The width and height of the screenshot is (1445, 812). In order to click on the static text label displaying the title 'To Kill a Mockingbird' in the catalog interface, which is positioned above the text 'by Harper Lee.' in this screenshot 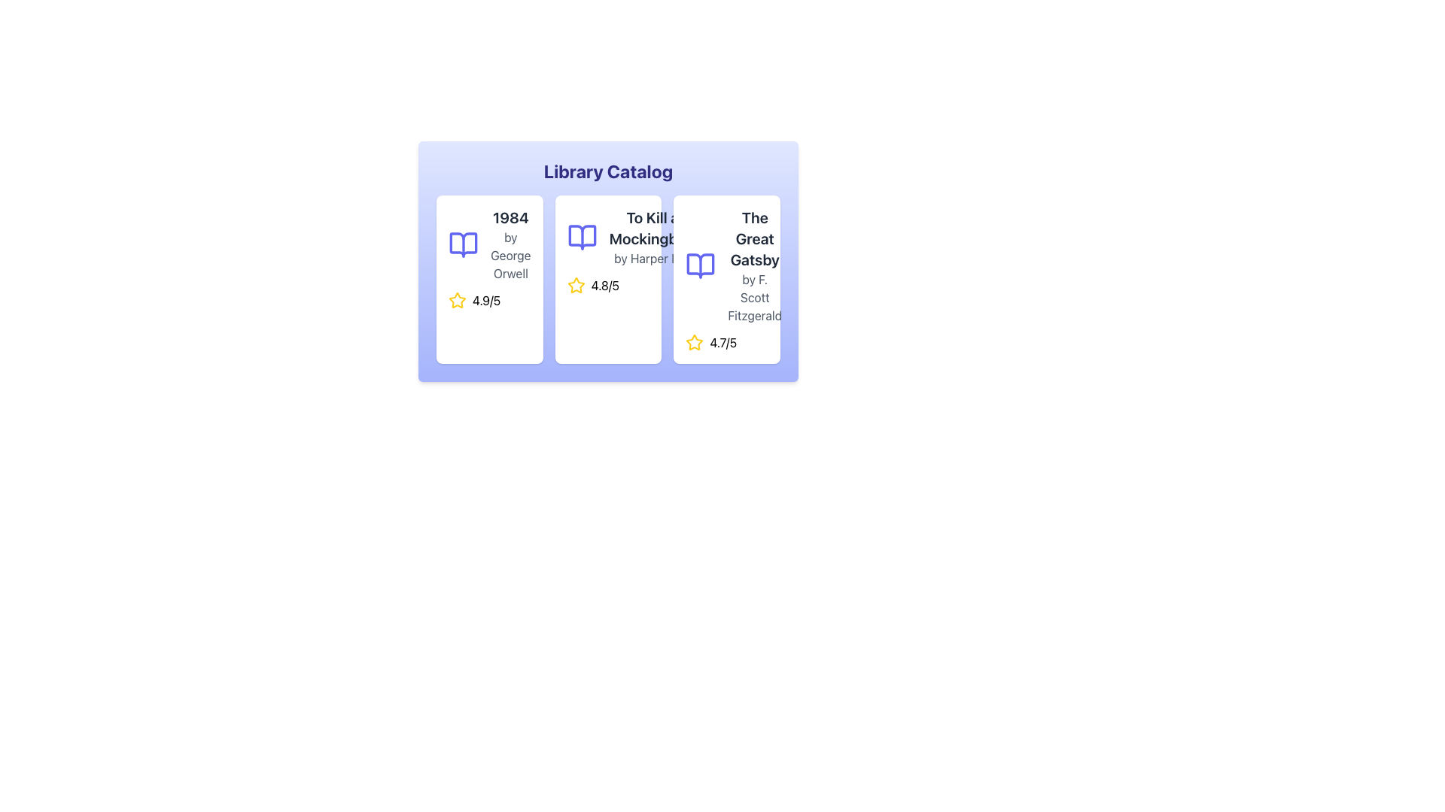, I will do `click(653, 229)`.